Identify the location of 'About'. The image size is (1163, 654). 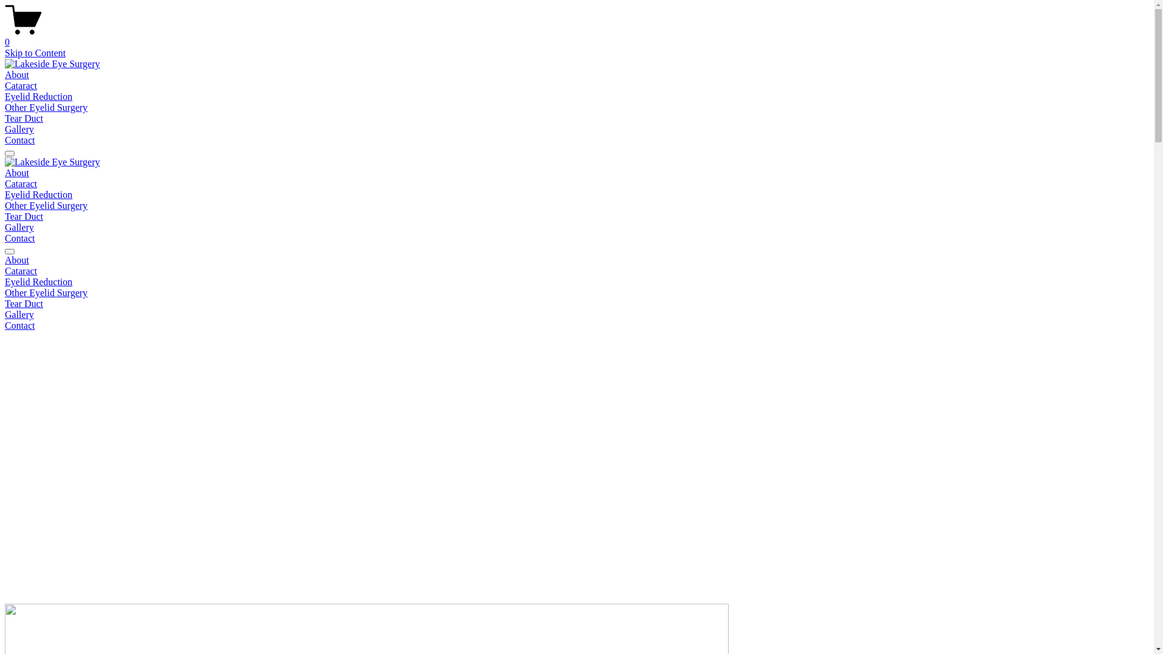
(17, 74).